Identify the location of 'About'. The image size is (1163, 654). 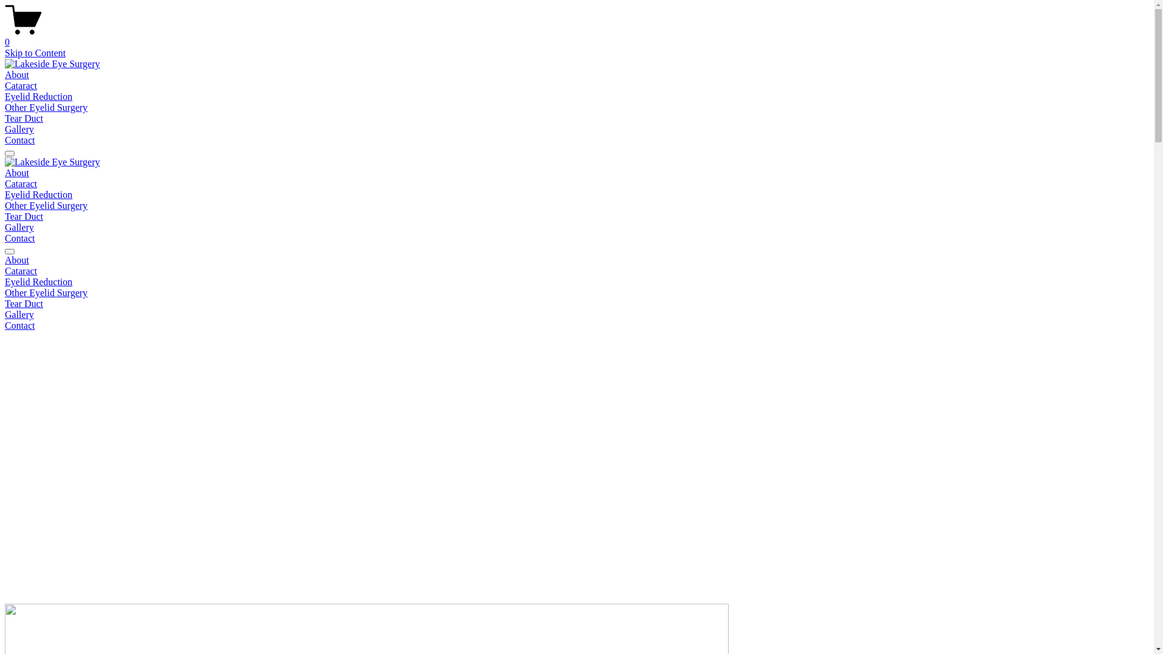
(17, 74).